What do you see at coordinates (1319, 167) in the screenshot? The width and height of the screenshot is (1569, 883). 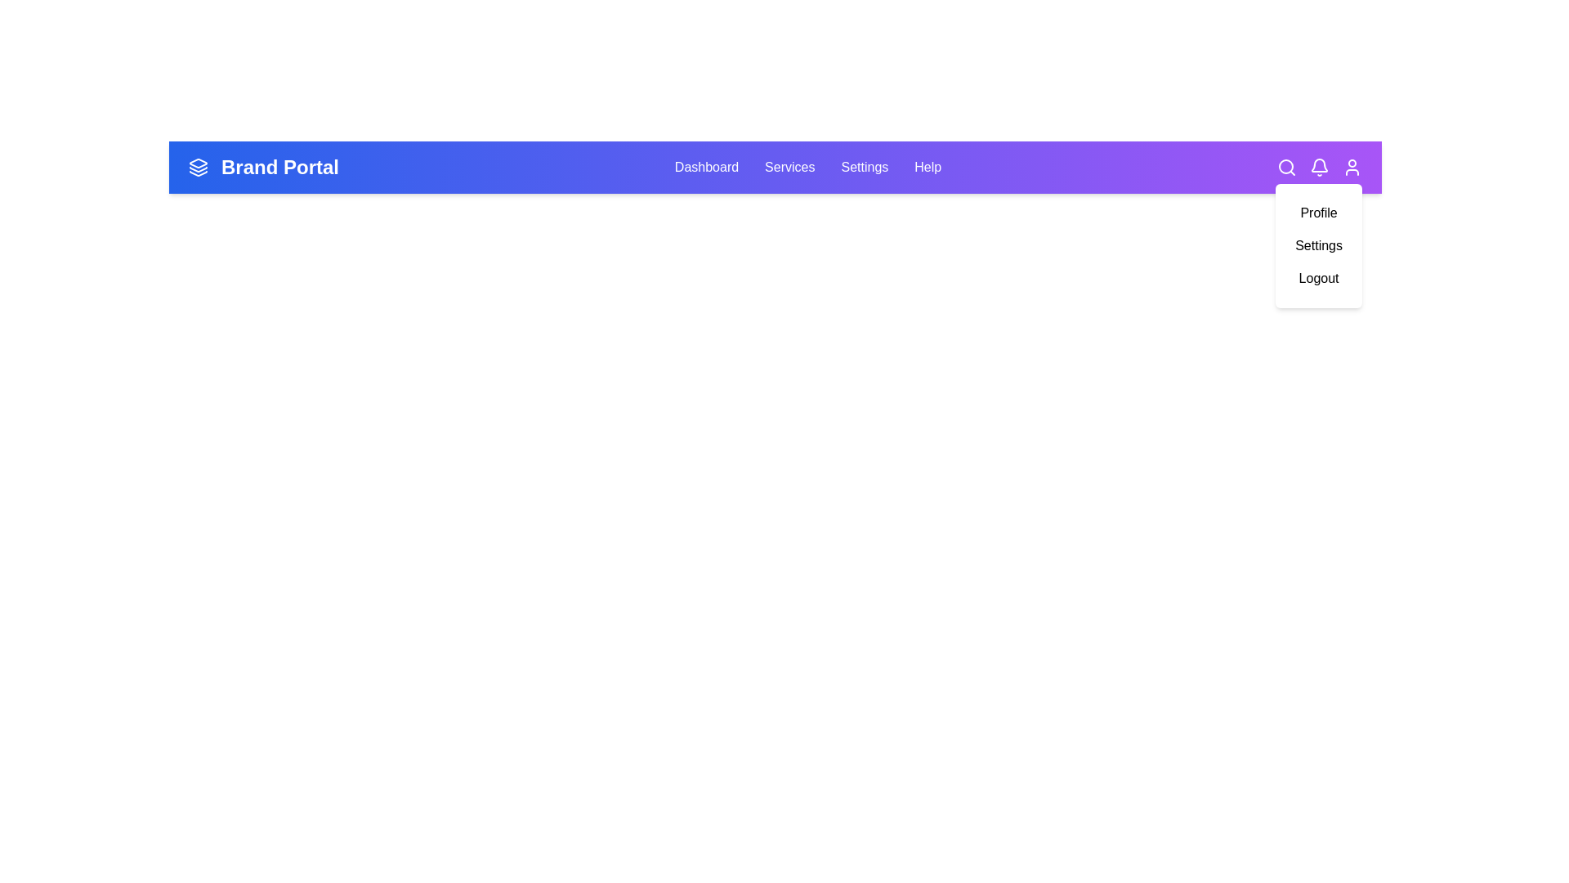 I see `the white bell icon on the purple background located at the top-right section of the interface` at bounding box center [1319, 167].